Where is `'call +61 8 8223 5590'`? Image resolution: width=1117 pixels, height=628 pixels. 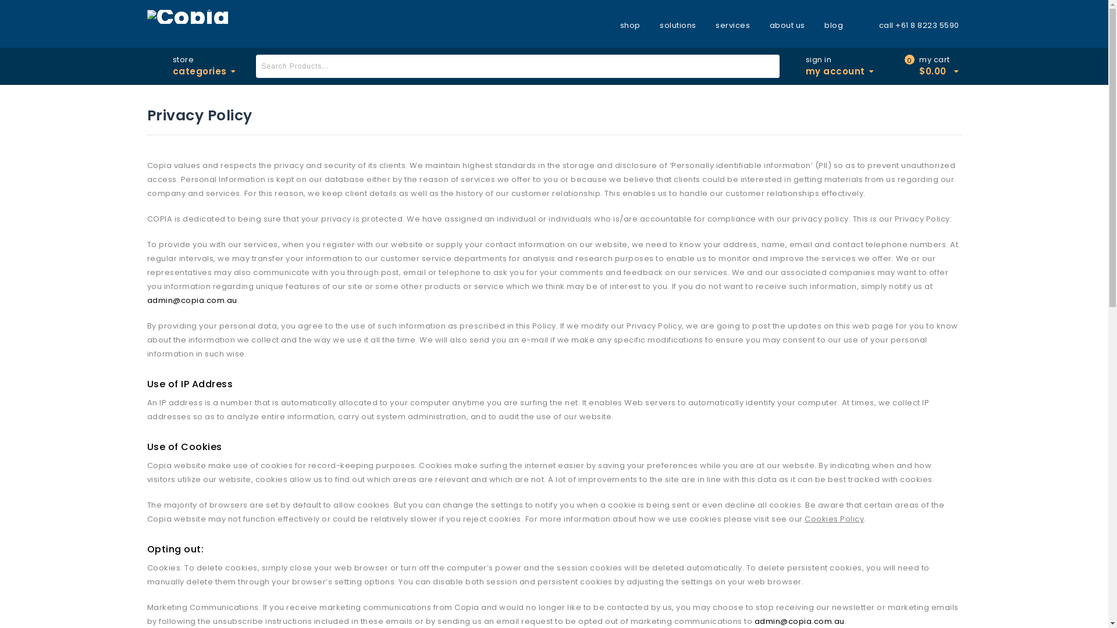
'call +61 8 8223 5590' is located at coordinates (910, 24).